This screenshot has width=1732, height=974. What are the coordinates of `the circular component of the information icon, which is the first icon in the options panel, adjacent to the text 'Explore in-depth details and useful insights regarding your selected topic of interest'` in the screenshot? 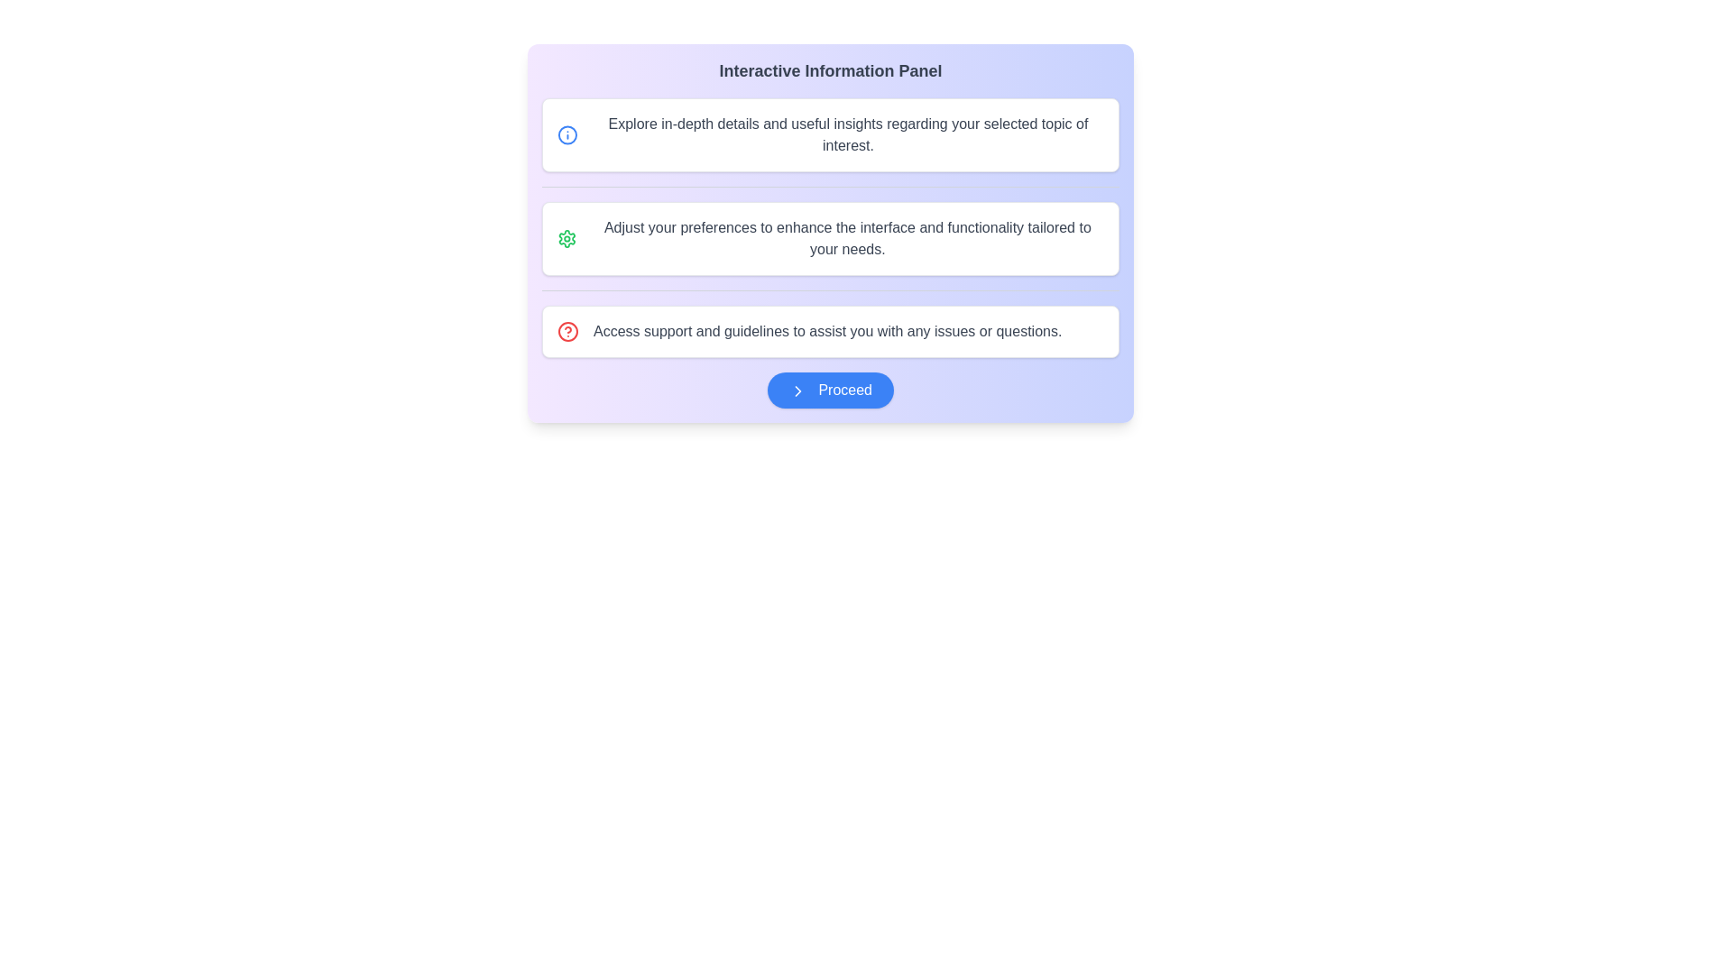 It's located at (567, 134).